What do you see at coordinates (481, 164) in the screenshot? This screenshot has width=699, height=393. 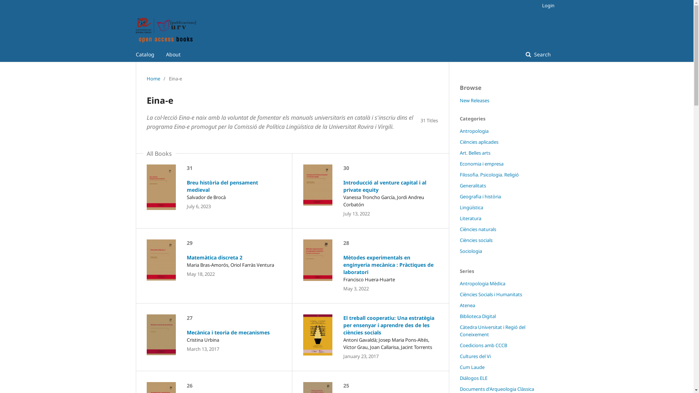 I see `'Economia i empresa'` at bounding box center [481, 164].